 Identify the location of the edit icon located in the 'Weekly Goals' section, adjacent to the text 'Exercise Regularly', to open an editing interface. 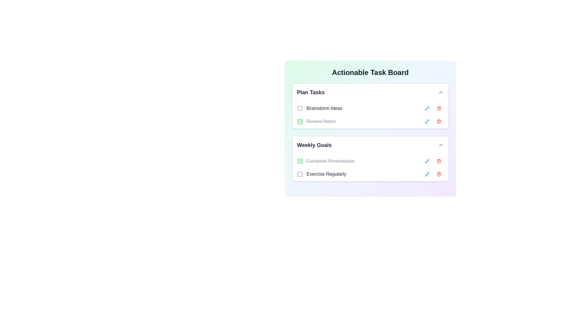
(427, 174).